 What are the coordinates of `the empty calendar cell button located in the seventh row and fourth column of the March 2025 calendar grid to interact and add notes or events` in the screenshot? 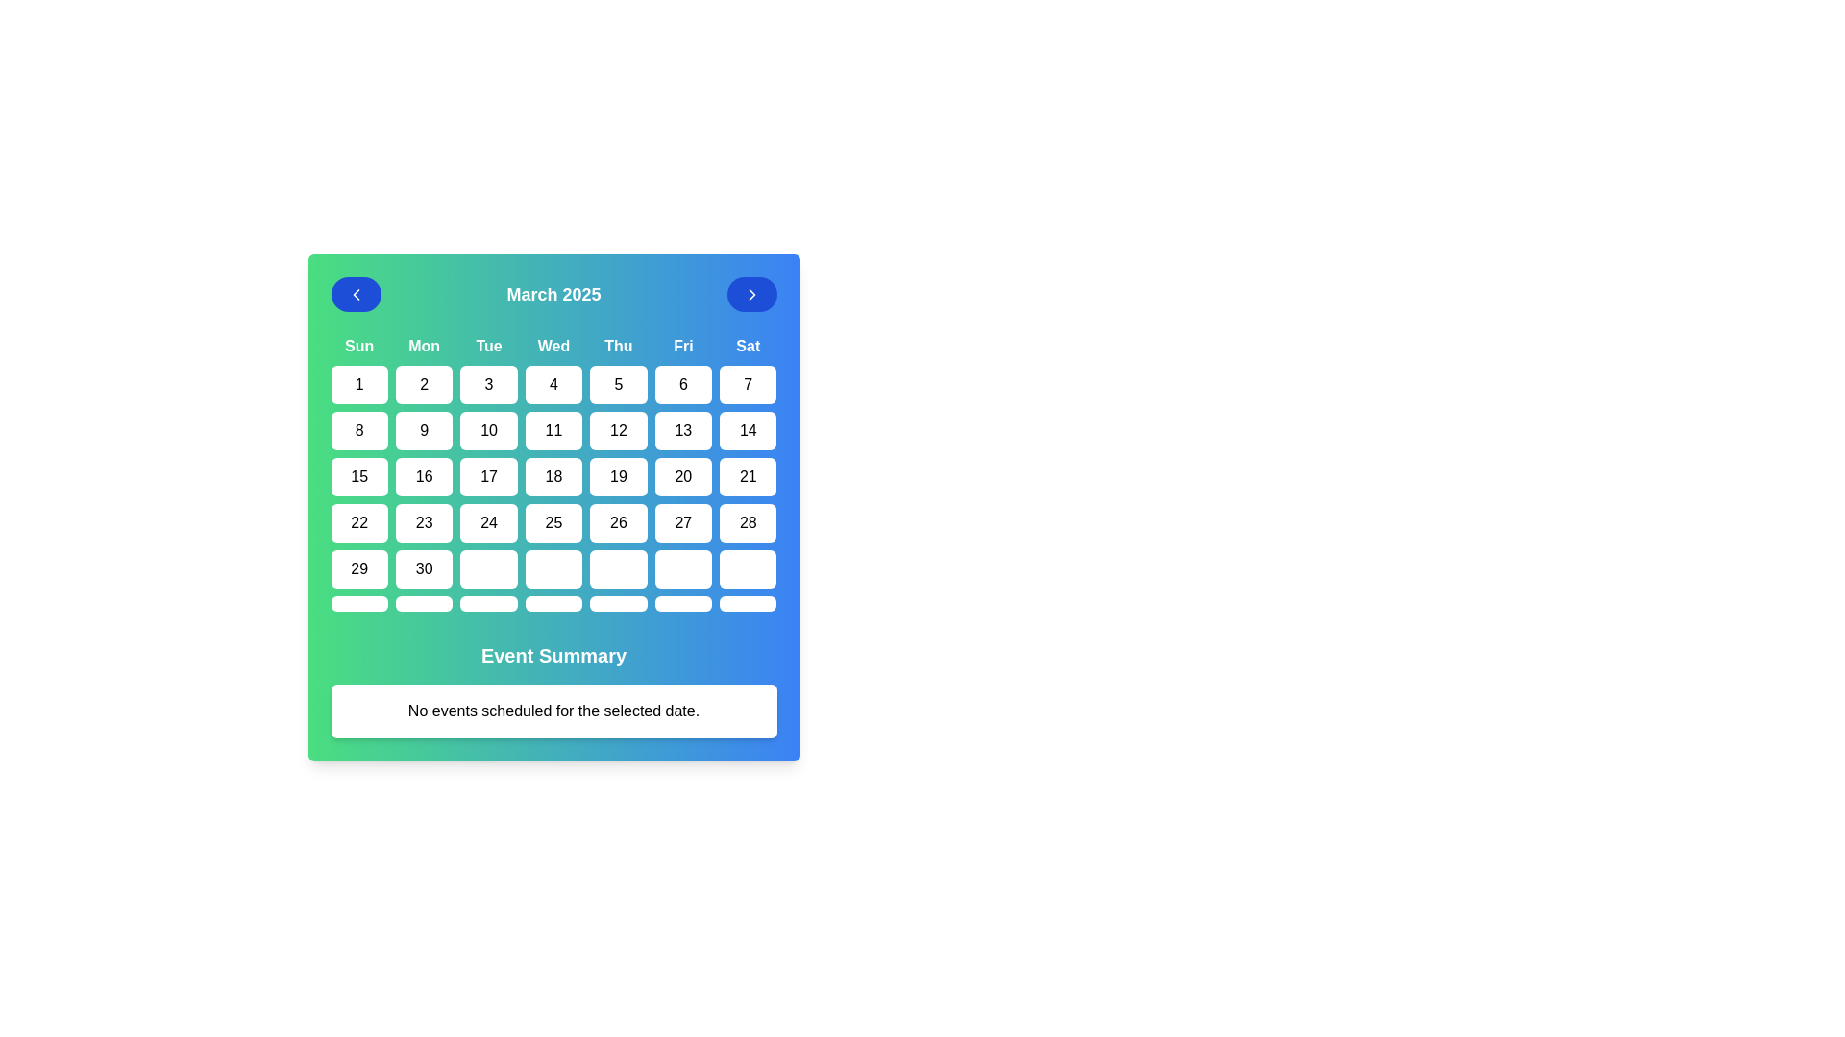 It's located at (553, 602).